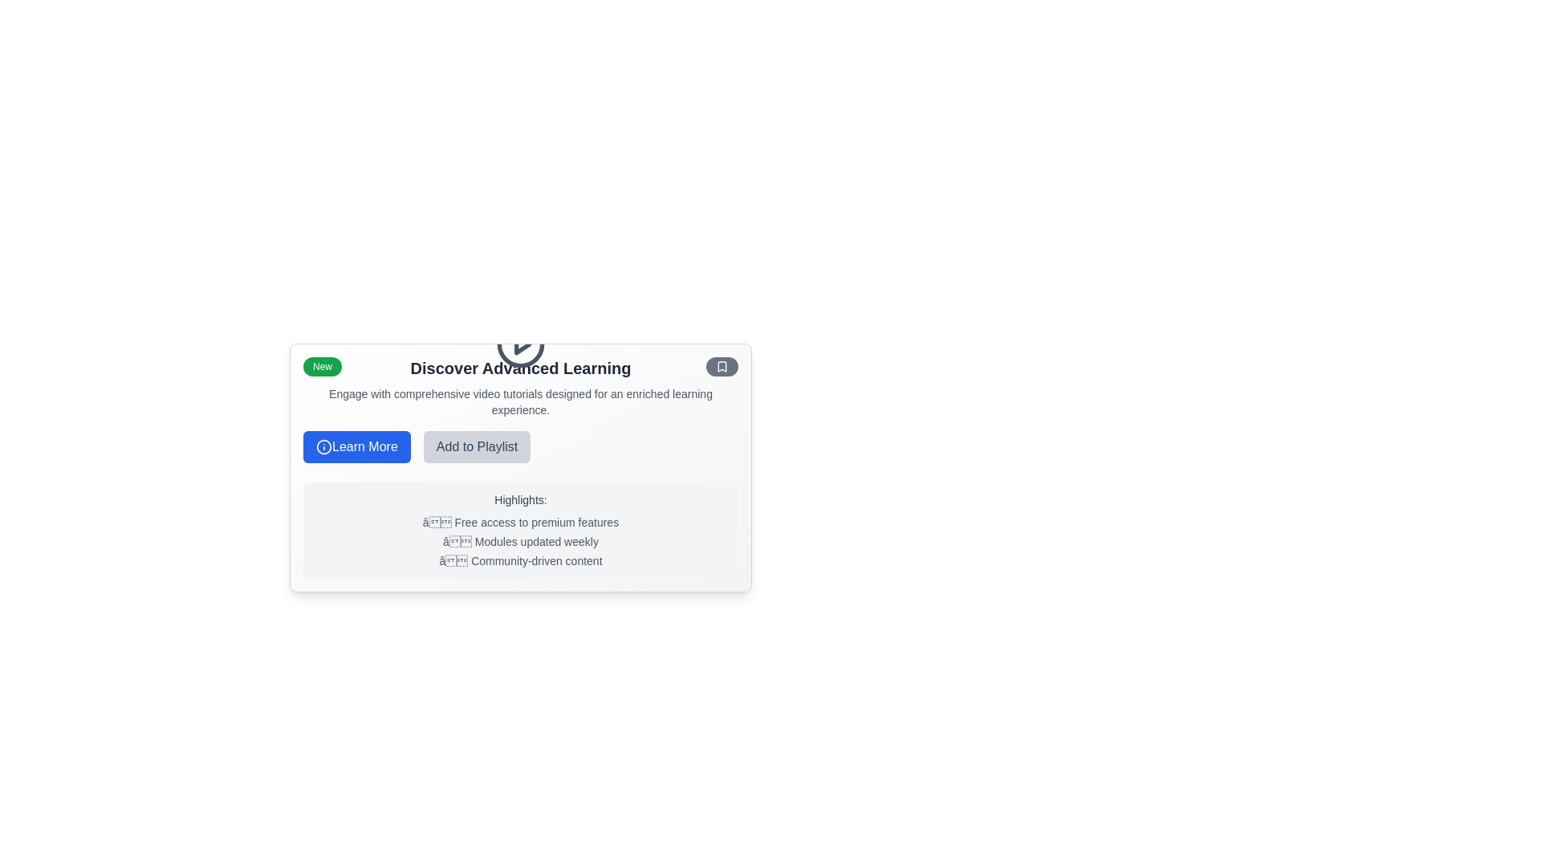  I want to click on the outer boundary of the play button symbol, which is a circular vector graphic element positioned centrally within the SVG structure, so click(520, 343).